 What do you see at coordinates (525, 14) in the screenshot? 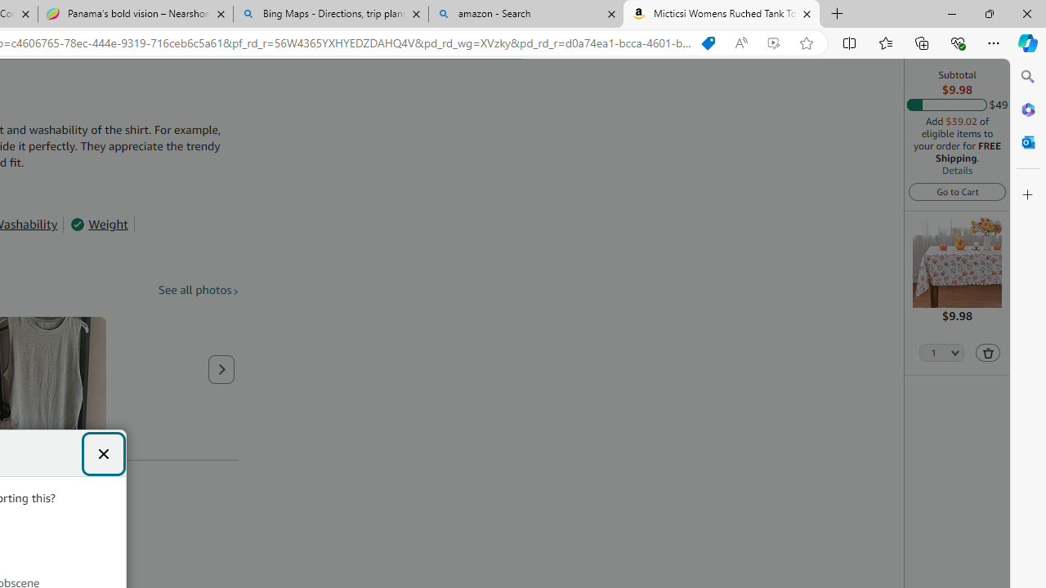
I see `'amazon - Search'` at bounding box center [525, 14].